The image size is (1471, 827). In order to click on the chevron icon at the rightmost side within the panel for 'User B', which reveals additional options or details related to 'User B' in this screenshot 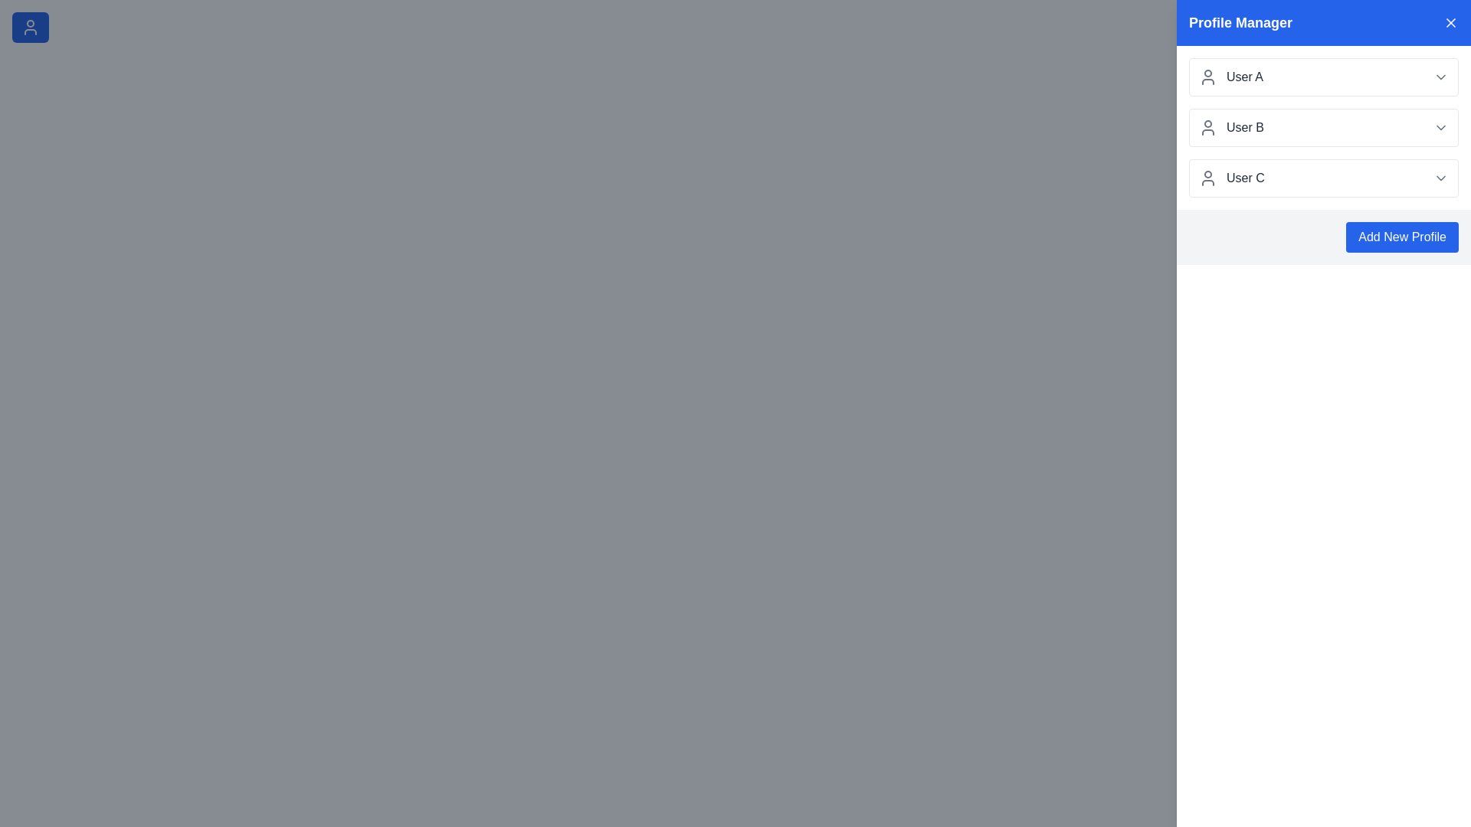, I will do `click(1440, 126)`.